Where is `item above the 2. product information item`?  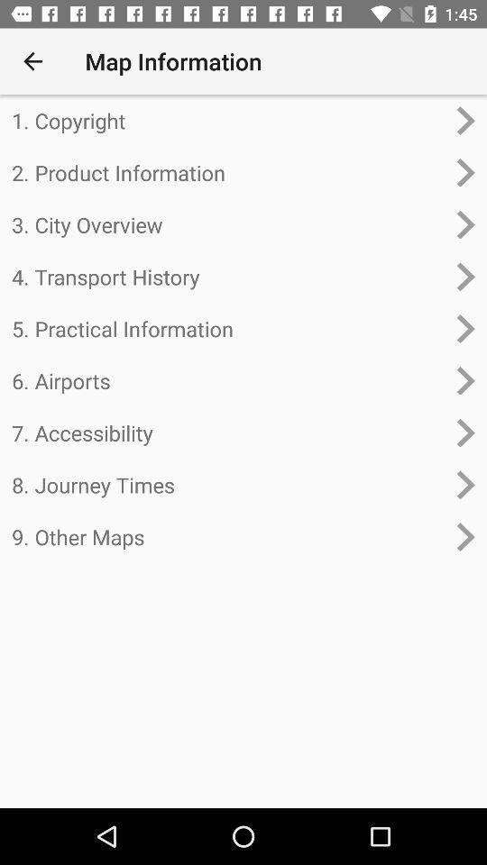 item above the 2. product information item is located at coordinates (228, 120).